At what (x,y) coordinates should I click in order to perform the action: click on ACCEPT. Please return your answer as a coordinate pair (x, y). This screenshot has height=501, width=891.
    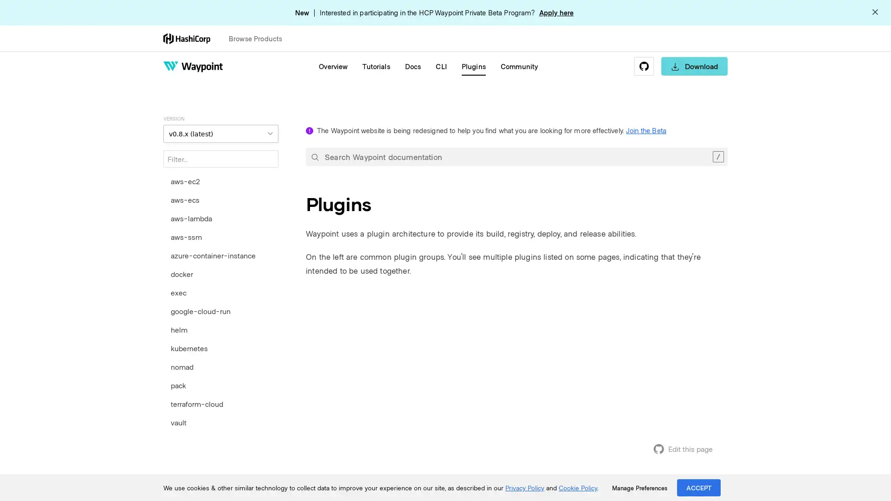
    Looking at the image, I should click on (699, 487).